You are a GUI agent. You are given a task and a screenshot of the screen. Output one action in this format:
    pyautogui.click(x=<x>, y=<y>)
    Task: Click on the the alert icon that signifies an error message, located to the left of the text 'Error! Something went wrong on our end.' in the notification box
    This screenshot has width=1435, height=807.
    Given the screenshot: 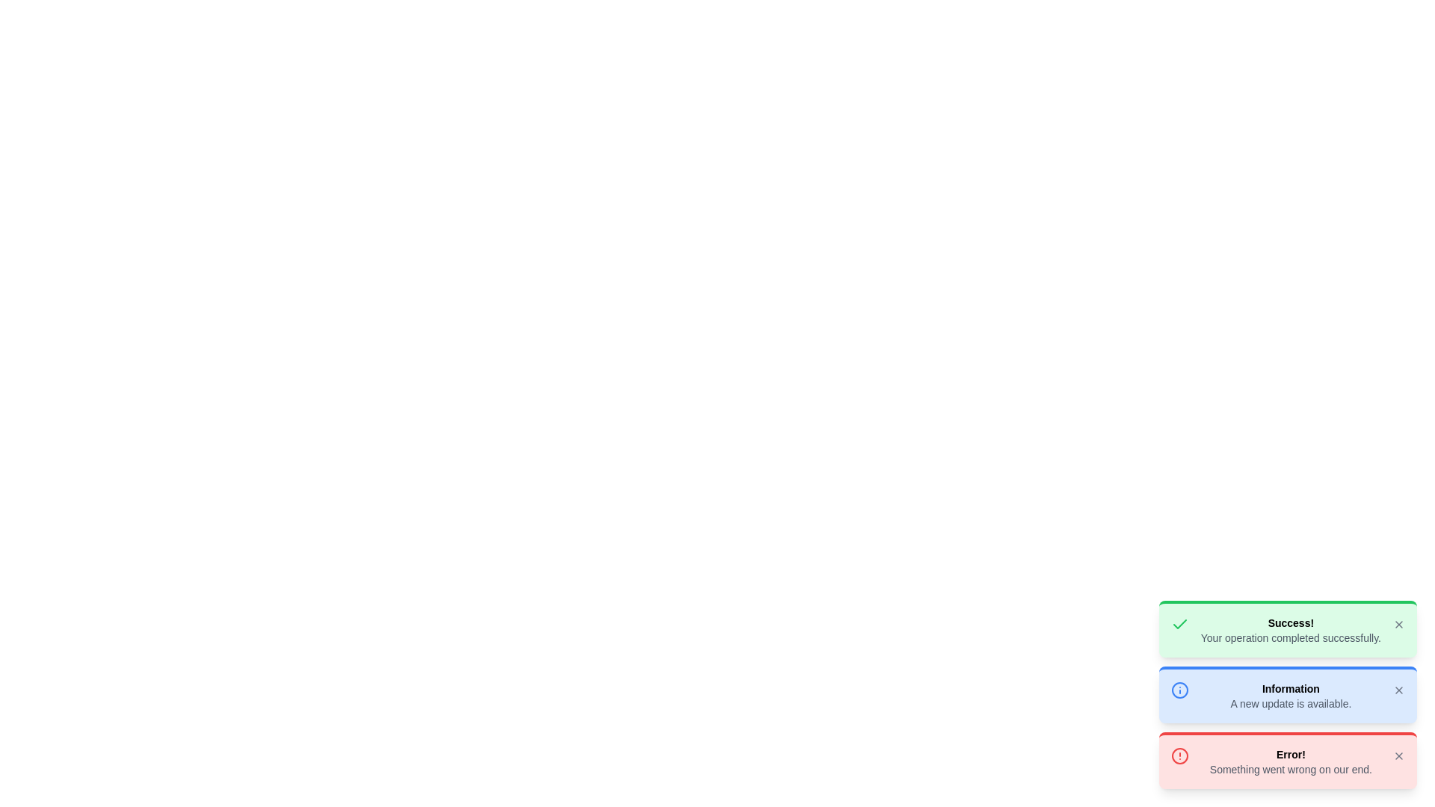 What is the action you would take?
    pyautogui.click(x=1179, y=755)
    